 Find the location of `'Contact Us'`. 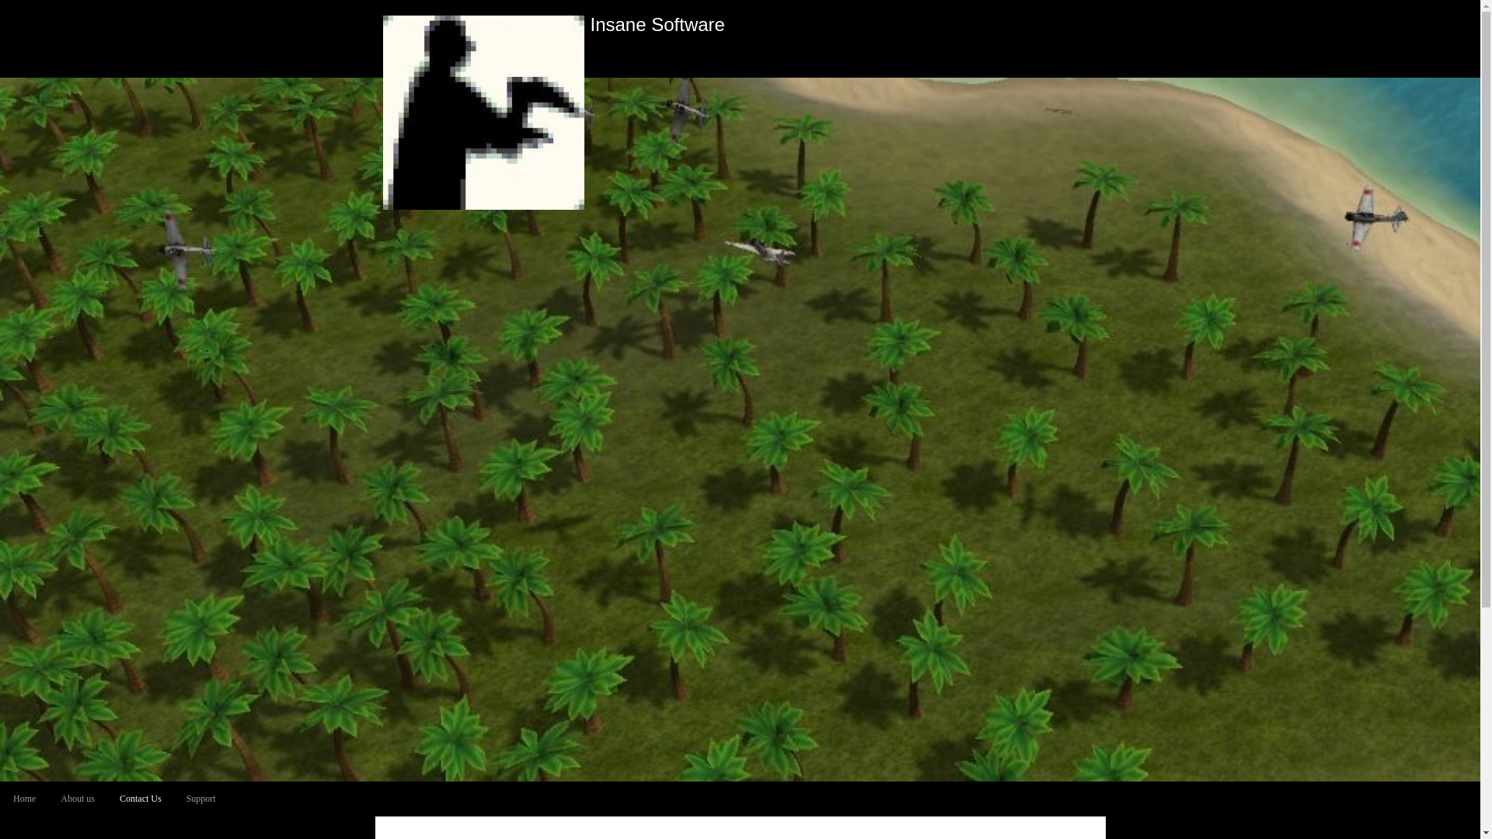

'Contact Us' is located at coordinates (141, 799).